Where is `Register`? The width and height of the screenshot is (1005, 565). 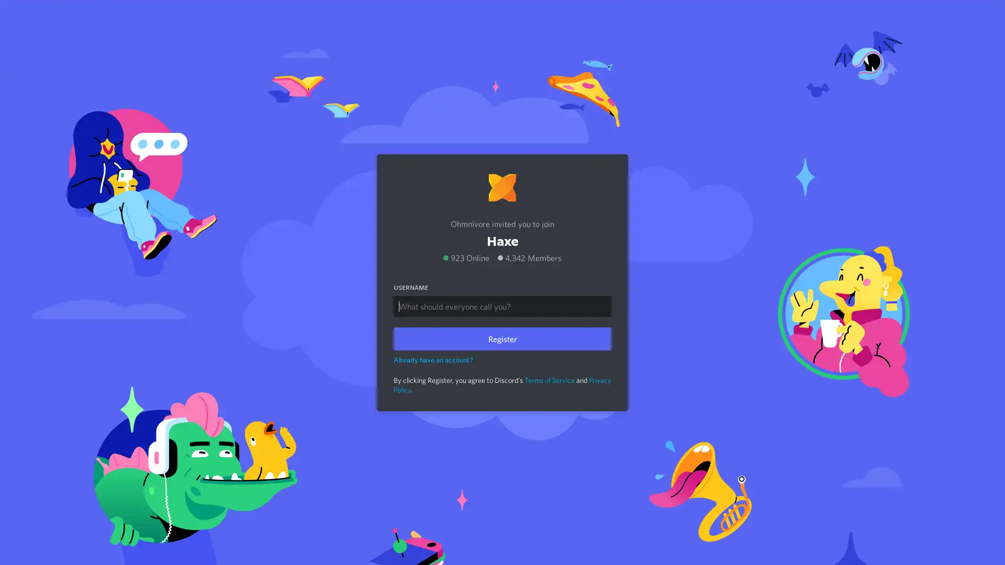 Register is located at coordinates (502, 338).